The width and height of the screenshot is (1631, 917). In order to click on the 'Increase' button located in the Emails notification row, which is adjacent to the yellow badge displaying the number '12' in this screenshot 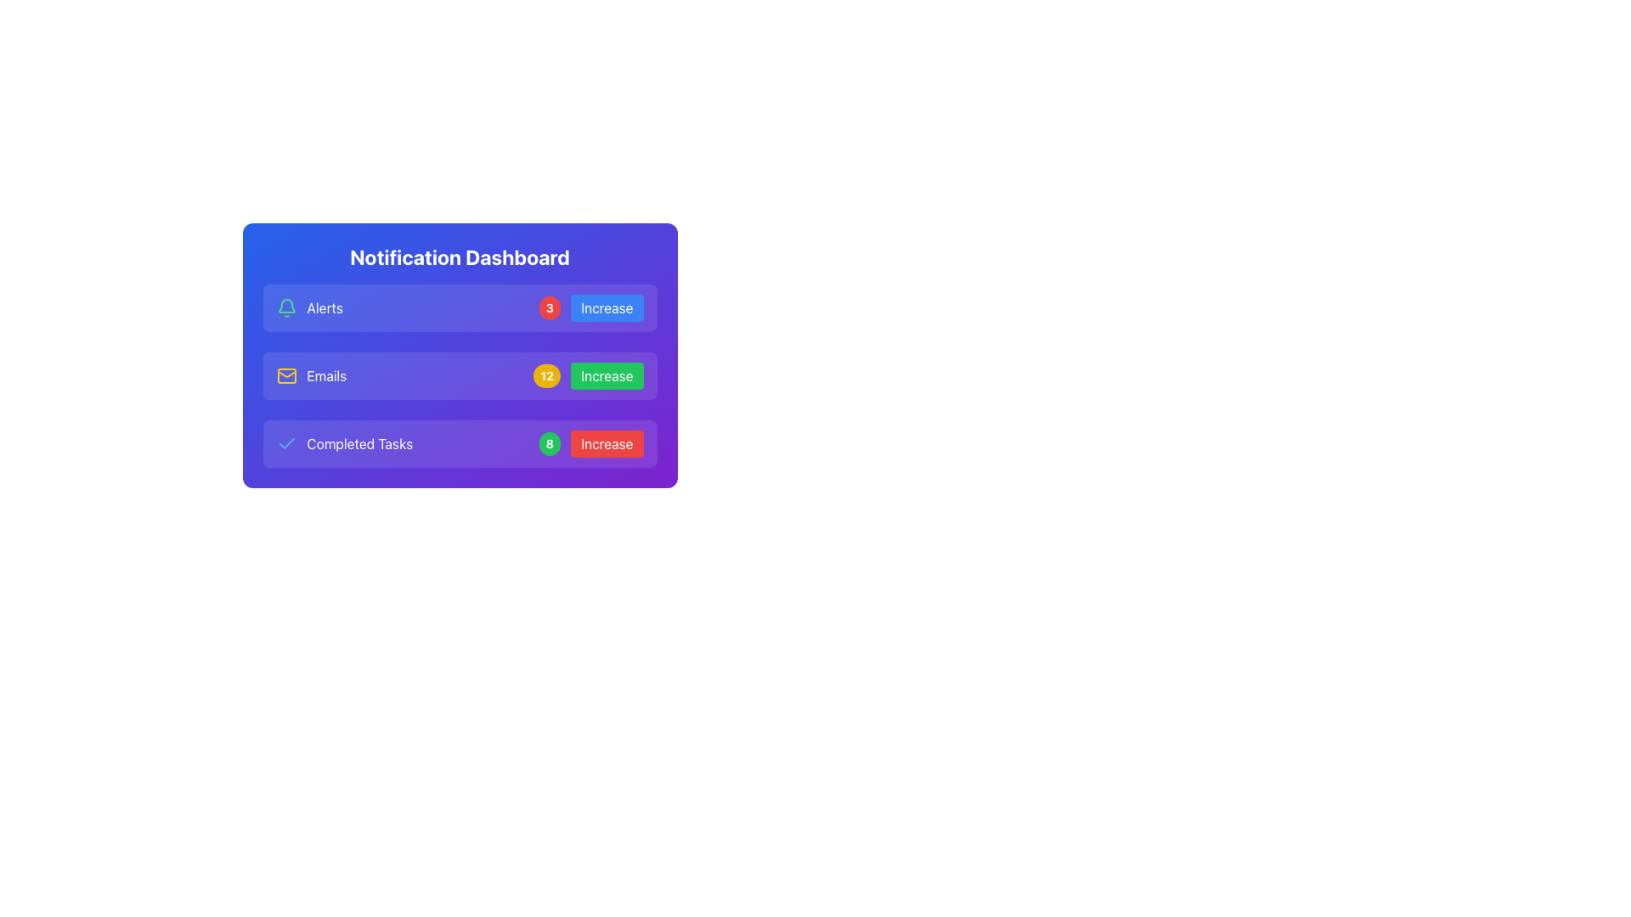, I will do `click(587, 375)`.